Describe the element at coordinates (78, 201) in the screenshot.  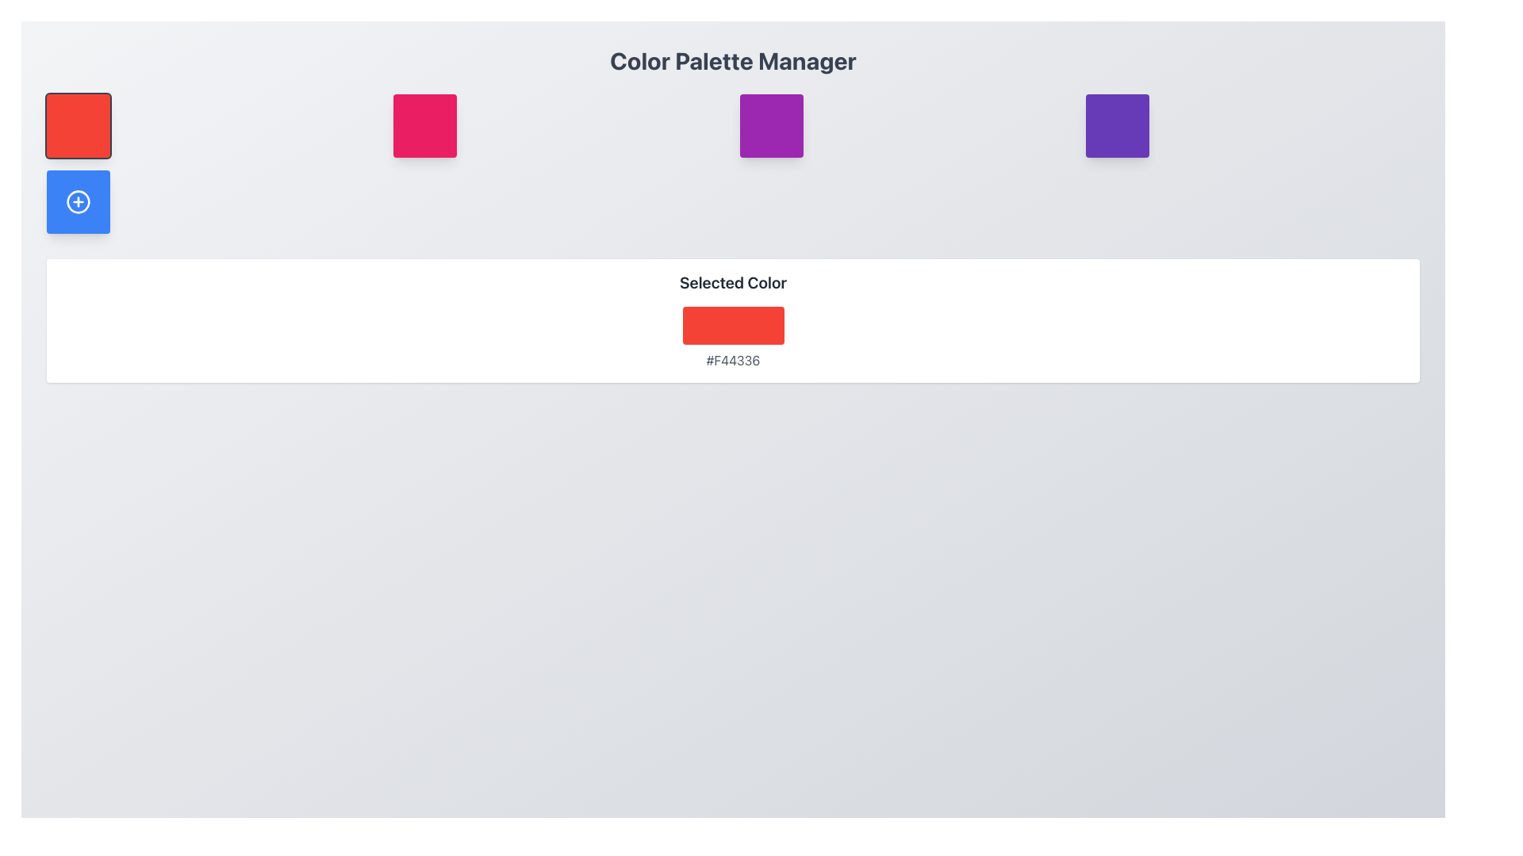
I see `the circular button with a plus sign in the center, which is styled with a blue background and white stroke, located in the second position of the vertical group of color selectors on the left side of the interface` at that location.